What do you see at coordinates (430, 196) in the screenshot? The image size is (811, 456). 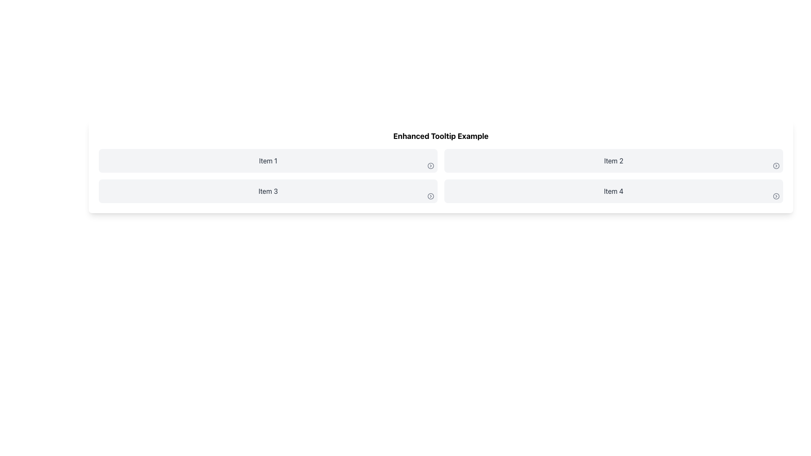 I see `the circular SVG icon located next to the text 'Item 3' in the second row, first column of the layout` at bounding box center [430, 196].